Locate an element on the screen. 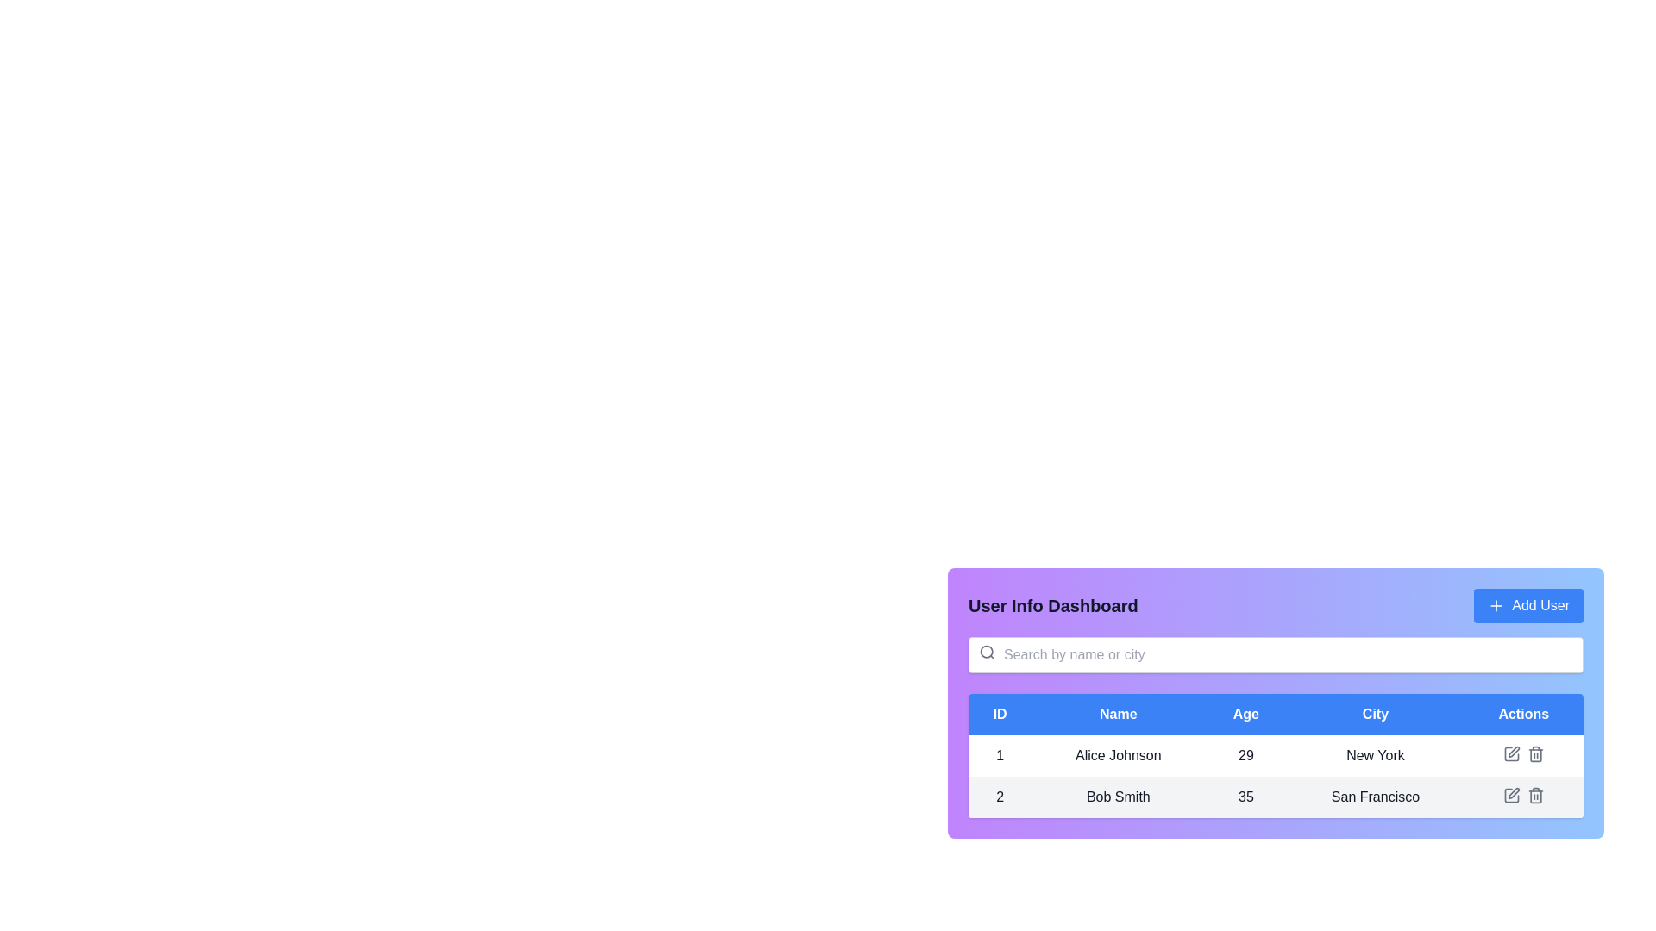 This screenshot has width=1656, height=931. the edit button located in the 'Actions' column of the first row for user 'Alice Johnson' to initiate editing is located at coordinates (1510, 753).